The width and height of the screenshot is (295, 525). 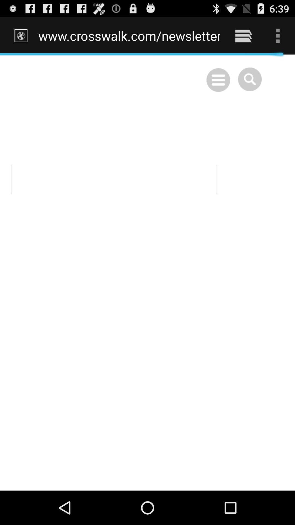 I want to click on www crosswalk com, so click(x=129, y=36).